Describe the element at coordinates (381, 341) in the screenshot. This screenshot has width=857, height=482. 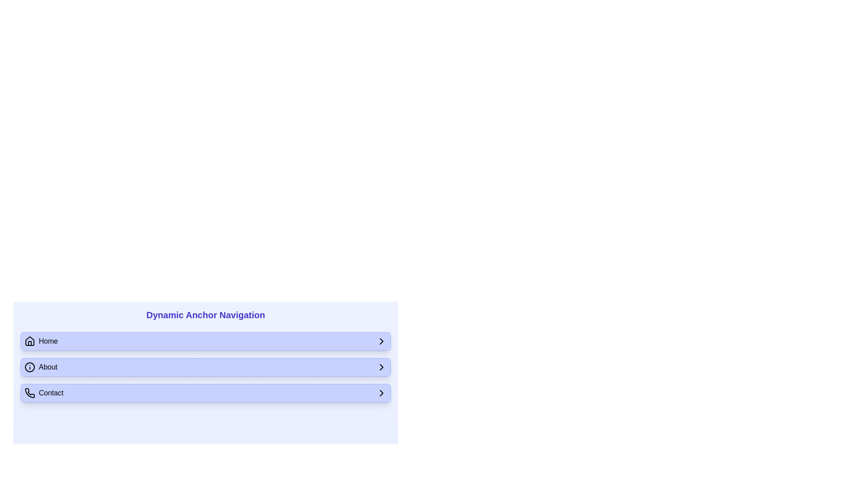
I see `the right-pointing chevron icon displayed in black, located on the far-right end of the blue 'Home' button` at that location.